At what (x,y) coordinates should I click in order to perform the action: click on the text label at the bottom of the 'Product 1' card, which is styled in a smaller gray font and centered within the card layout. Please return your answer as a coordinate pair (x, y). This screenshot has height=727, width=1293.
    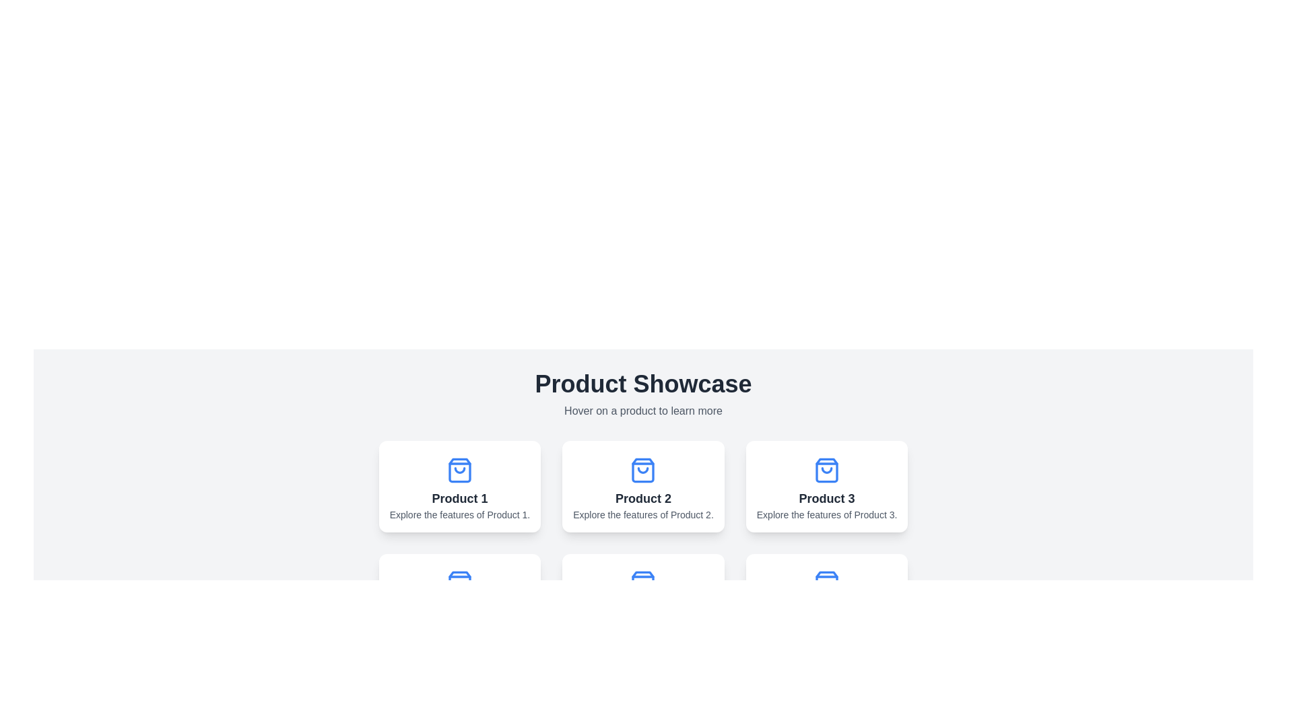
    Looking at the image, I should click on (459, 514).